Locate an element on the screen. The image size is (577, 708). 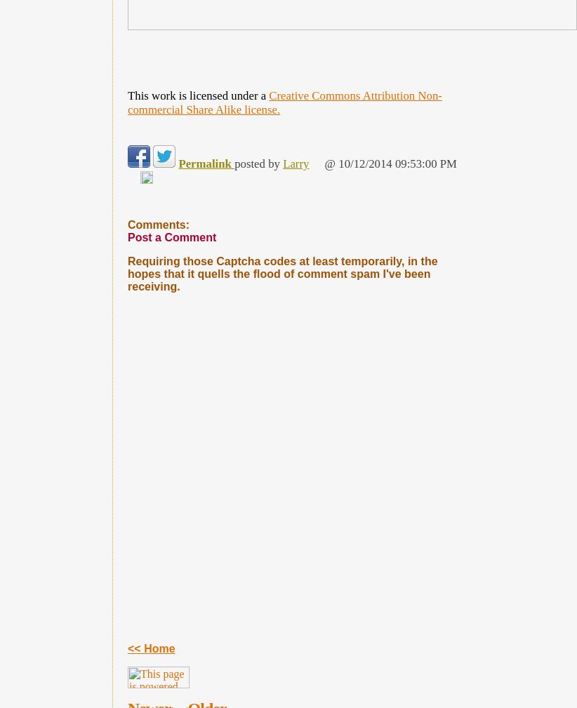
'Creative Commons Attribution Non-commercial Share Alike license.' is located at coordinates (284, 102).